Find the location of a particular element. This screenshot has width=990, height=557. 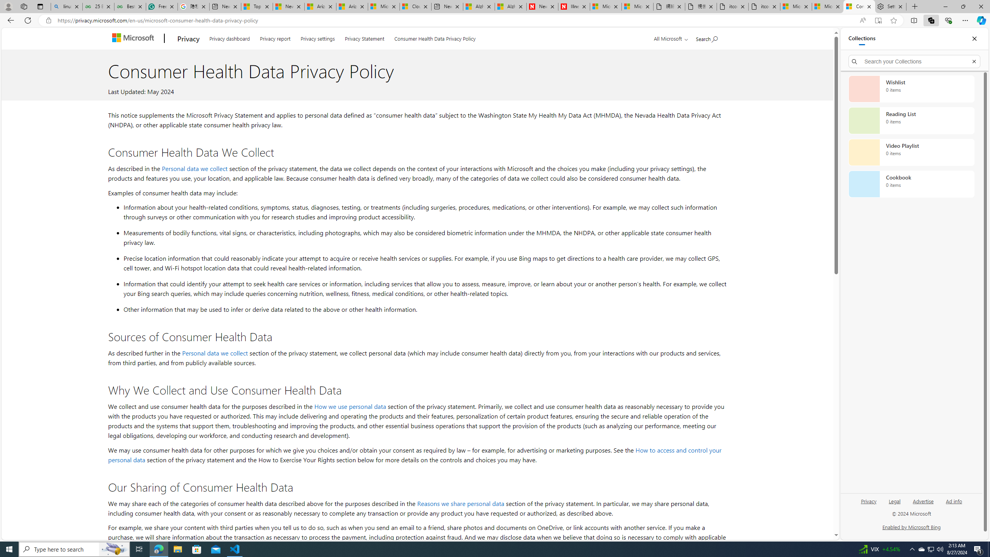

'itconcepthk.com/projector_solutions.mp4' is located at coordinates (764, 6).